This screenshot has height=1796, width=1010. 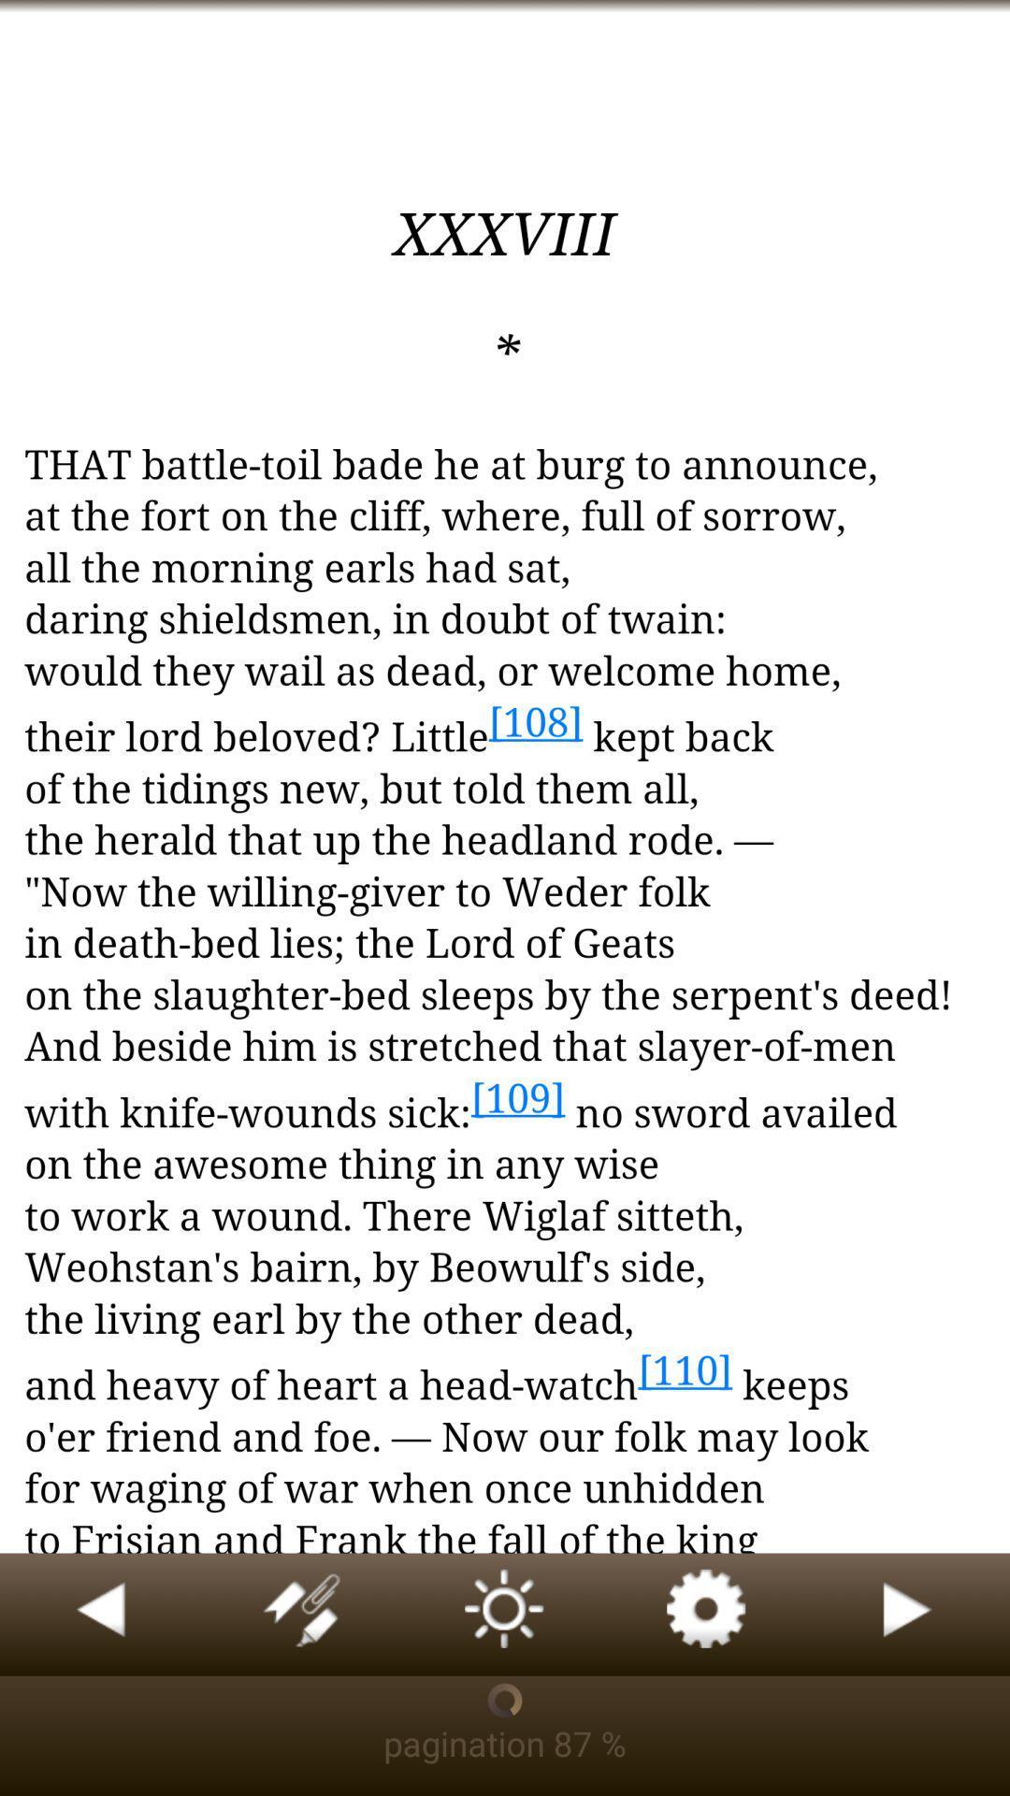 I want to click on click the settings option, so click(x=707, y=1614).